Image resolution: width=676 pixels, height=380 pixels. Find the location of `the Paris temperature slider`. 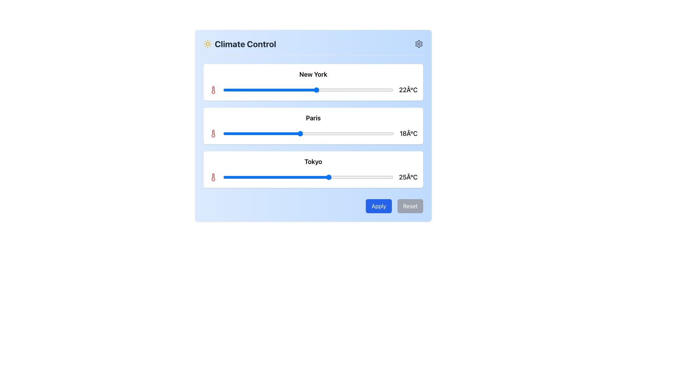

the Paris temperature slider is located at coordinates (265, 134).